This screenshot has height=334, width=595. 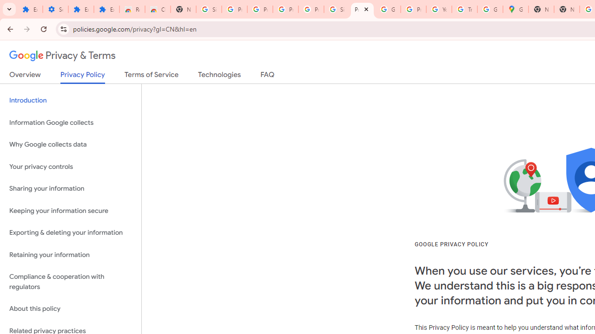 I want to click on 'Sign in - Google Accounts', so click(x=337, y=9).